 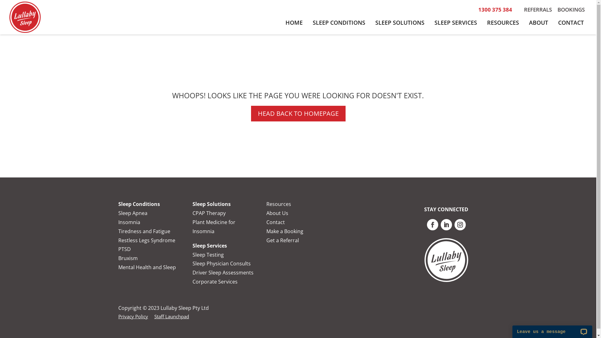 What do you see at coordinates (432, 224) in the screenshot?
I see `'Follow on Facebook'` at bounding box center [432, 224].